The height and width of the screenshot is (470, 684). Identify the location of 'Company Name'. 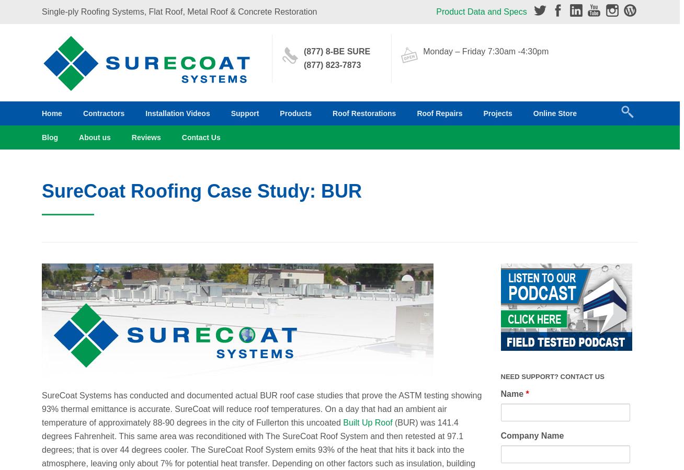
(532, 435).